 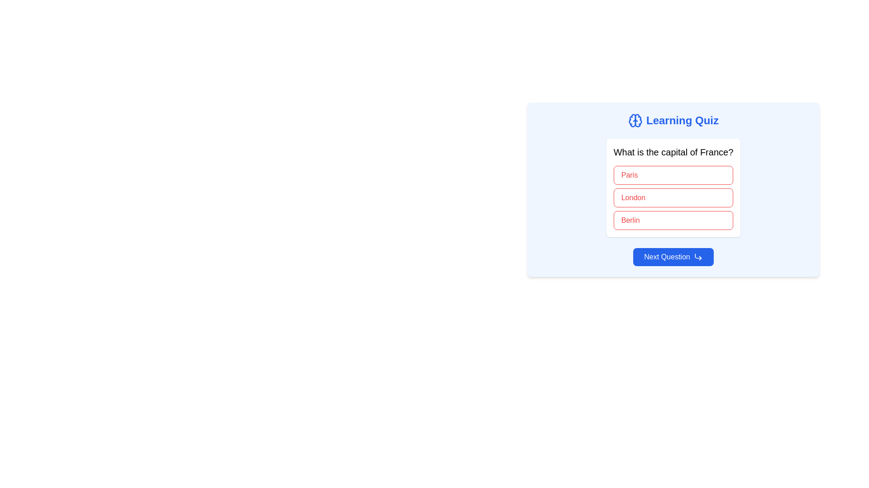 I want to click on the button that displays the options 'Paris', 'London', and 'Berlin', specifically highlighting the second option 'London', so click(x=673, y=188).